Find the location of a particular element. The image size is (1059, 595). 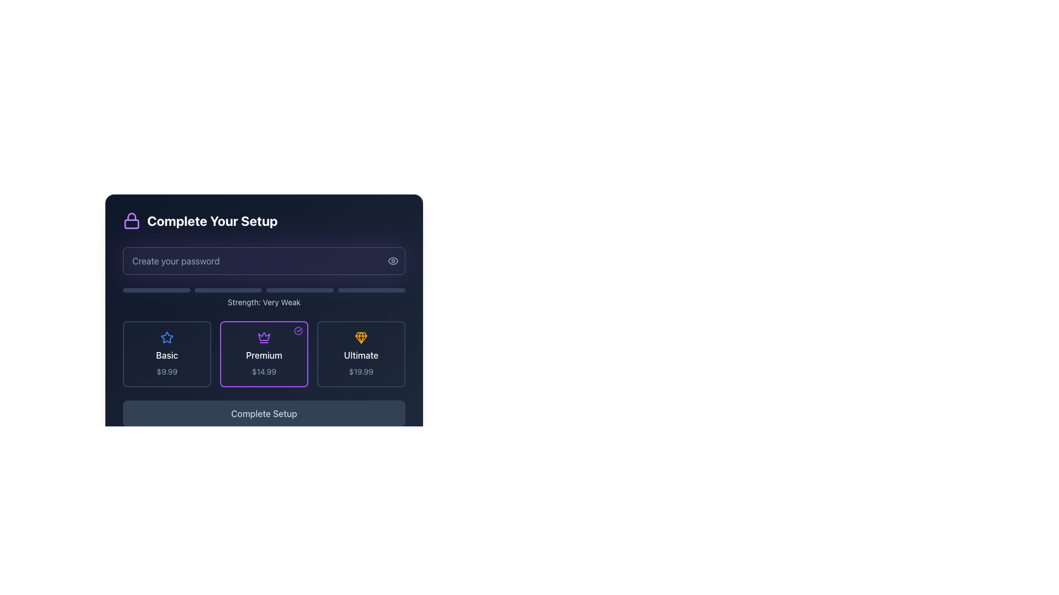

the price text element displaying '$19.99' located below the 'Ultimate' label in the rightmost column of the pricing options is located at coordinates (361, 372).